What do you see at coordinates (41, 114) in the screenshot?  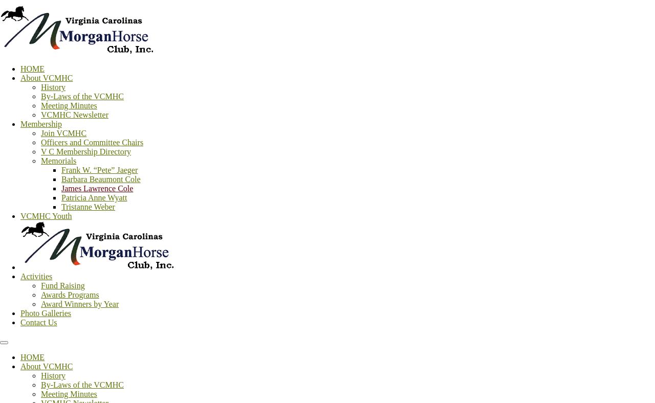 I see `'VCMHC Newsletter'` at bounding box center [41, 114].